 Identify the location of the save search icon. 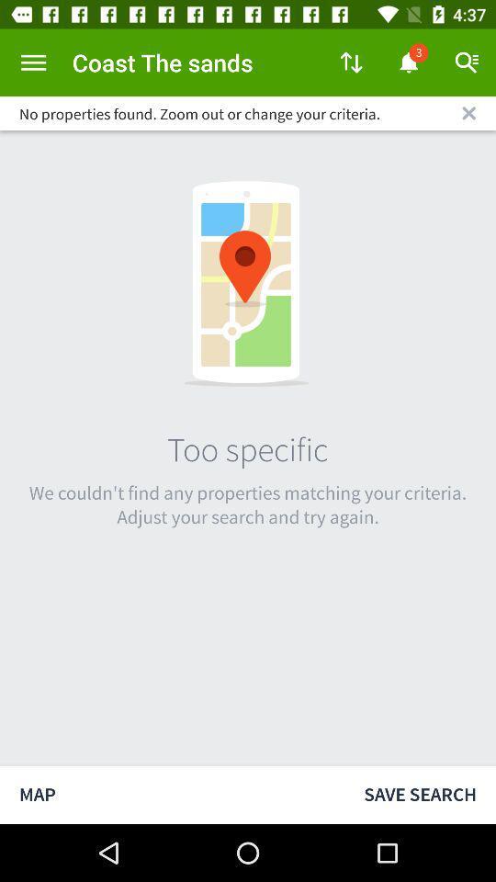
(420, 794).